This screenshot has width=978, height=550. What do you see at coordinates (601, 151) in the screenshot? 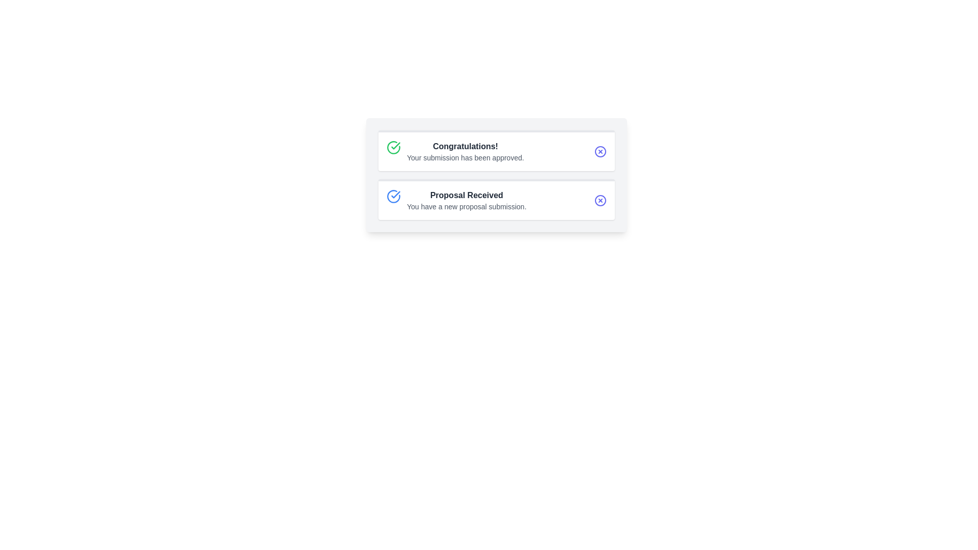
I see `the indigo 'X' icon button in the upper notification bar` at bounding box center [601, 151].